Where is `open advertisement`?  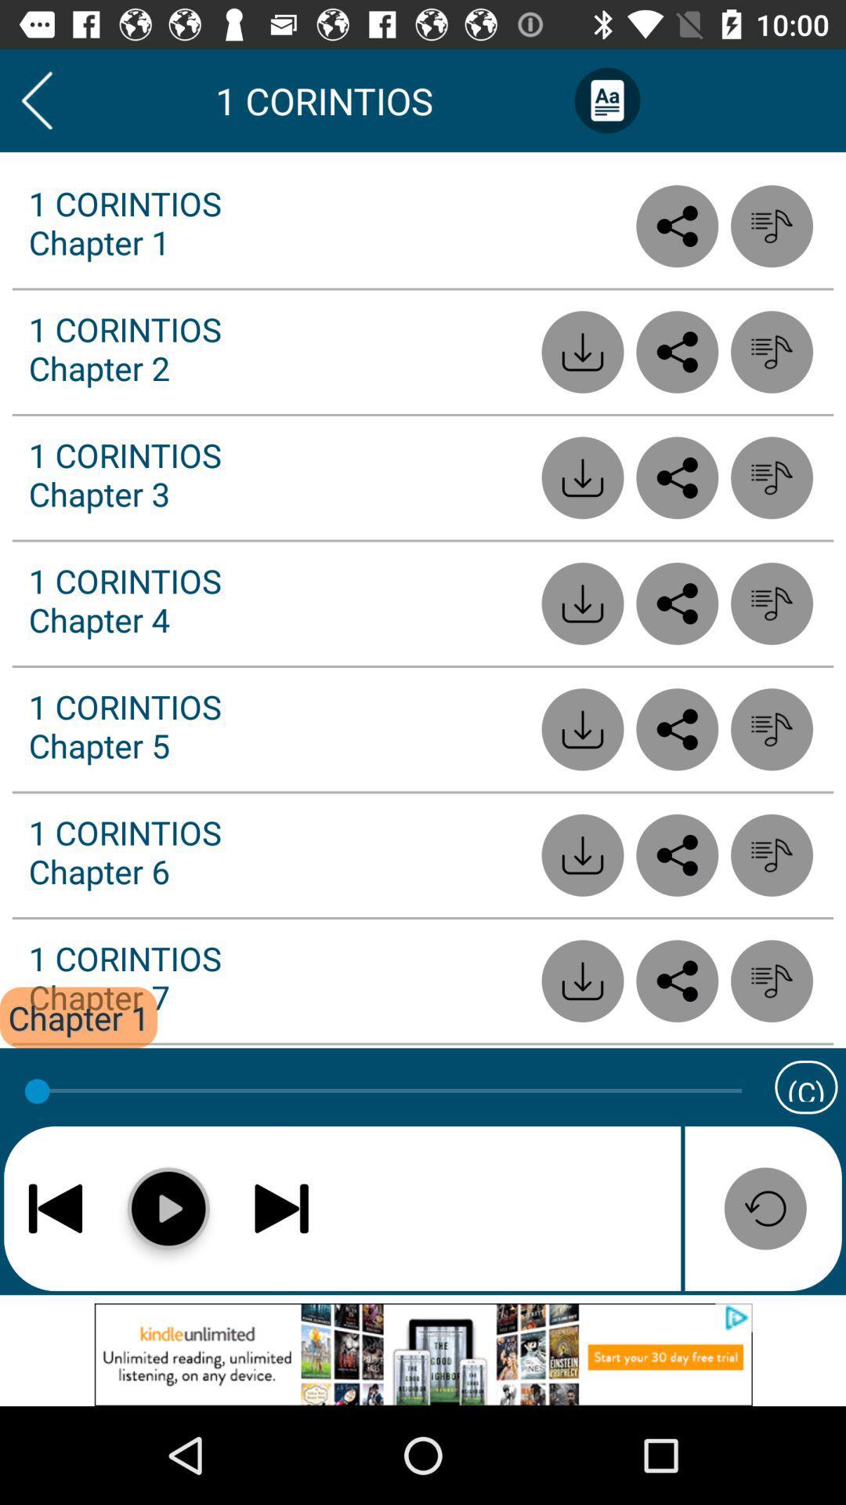 open advertisement is located at coordinates (423, 1354).